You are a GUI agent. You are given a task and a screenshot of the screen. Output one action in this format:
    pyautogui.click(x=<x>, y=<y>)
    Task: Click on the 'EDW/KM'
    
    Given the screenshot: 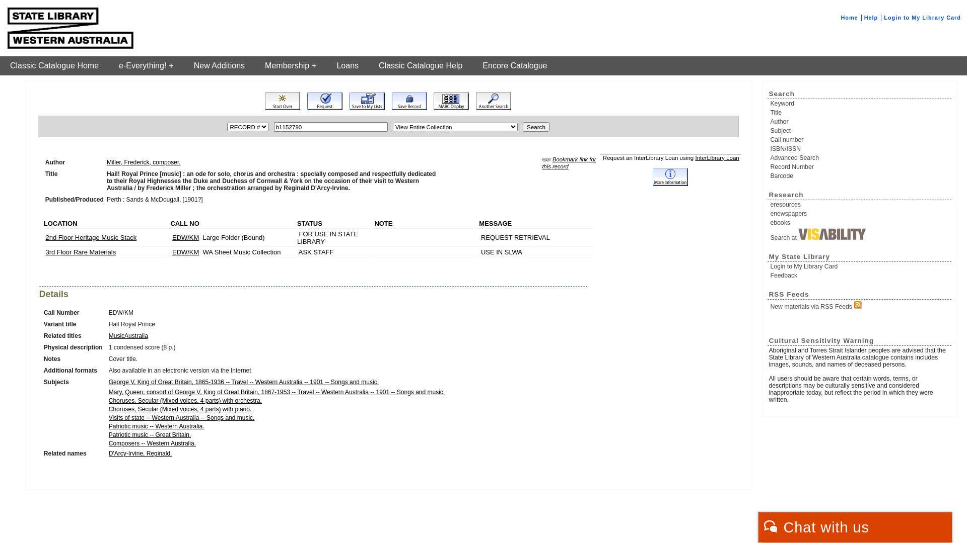 What is the action you would take?
    pyautogui.click(x=185, y=251)
    